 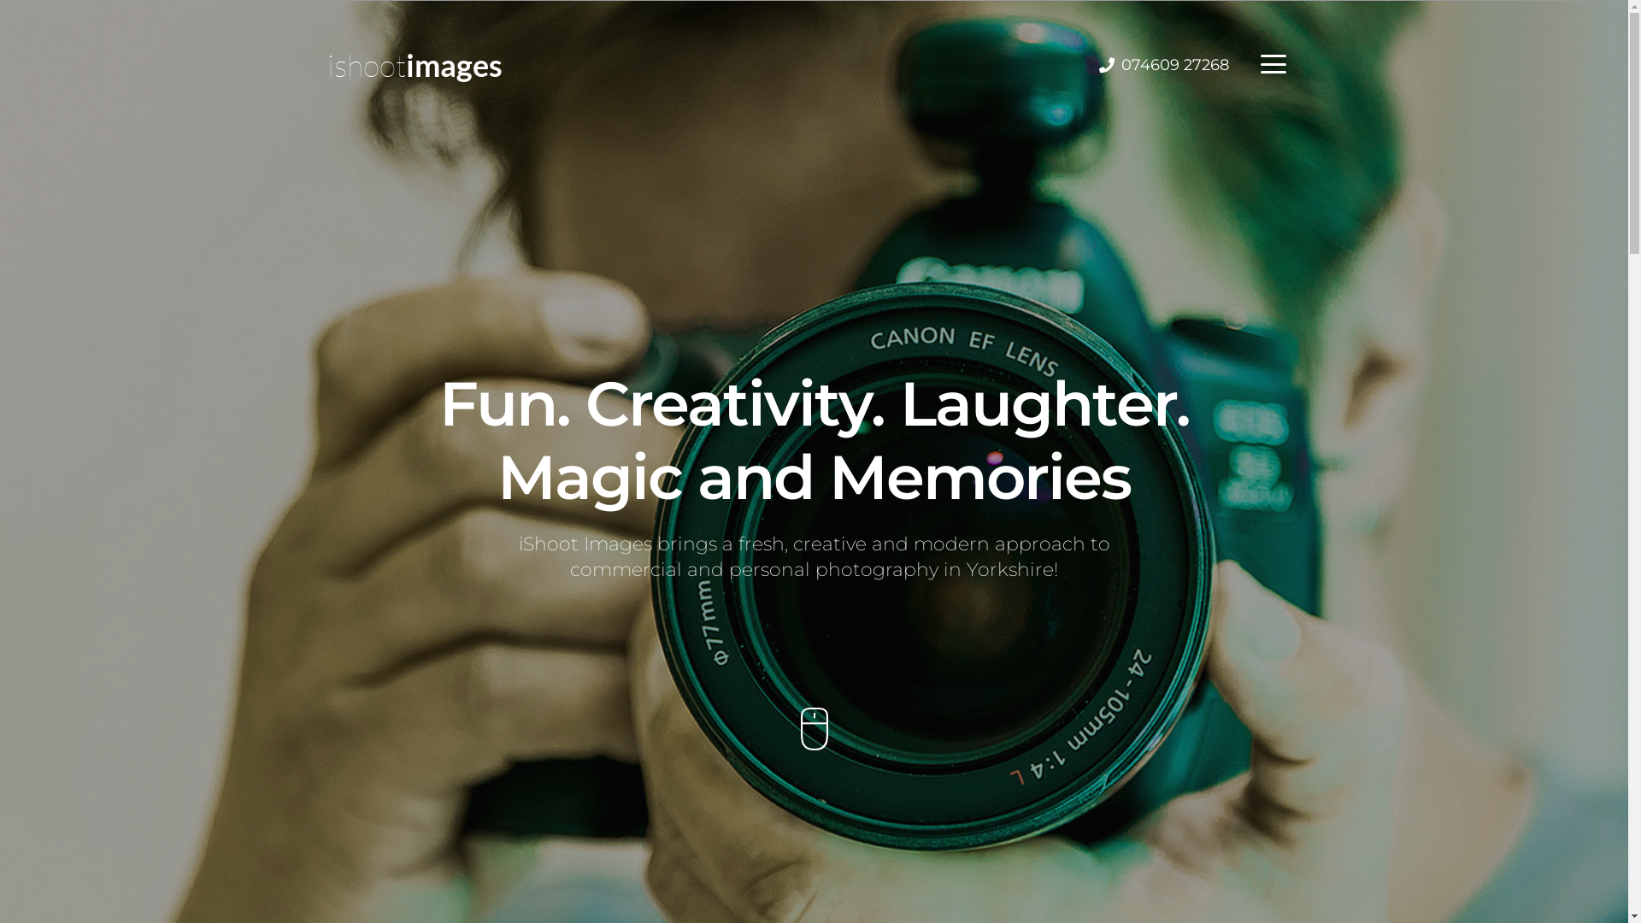 I want to click on 'ishootimages', so click(x=414, y=64).